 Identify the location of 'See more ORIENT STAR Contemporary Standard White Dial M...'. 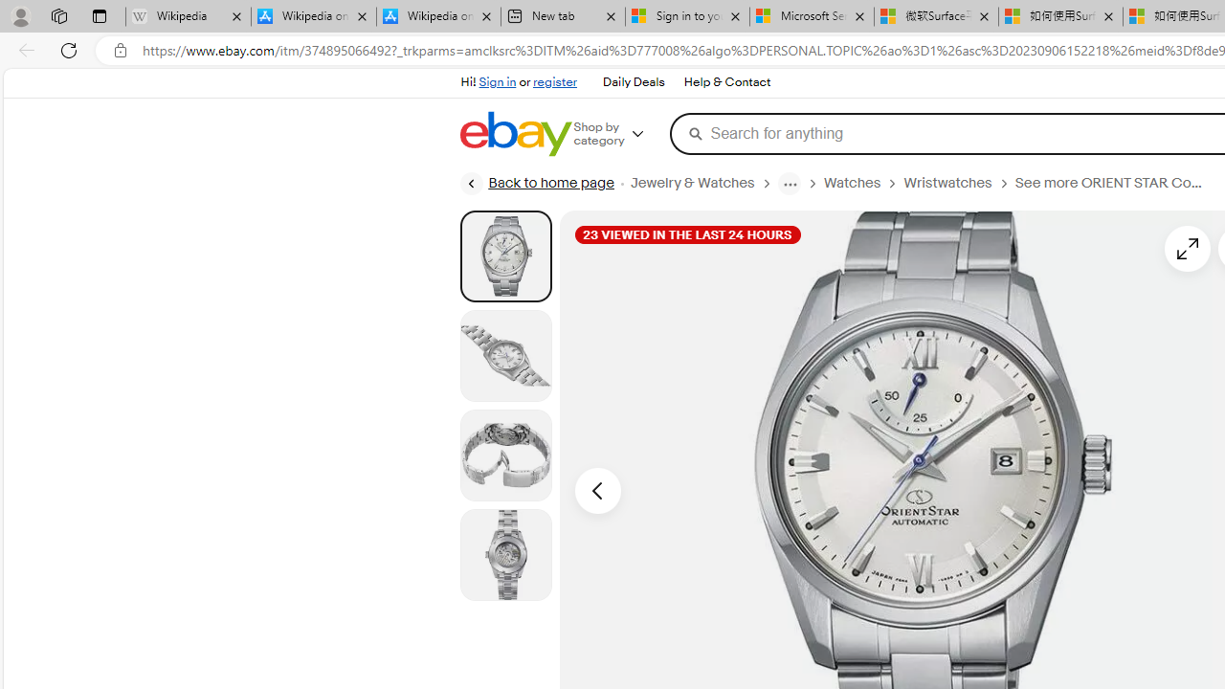
(1110, 183).